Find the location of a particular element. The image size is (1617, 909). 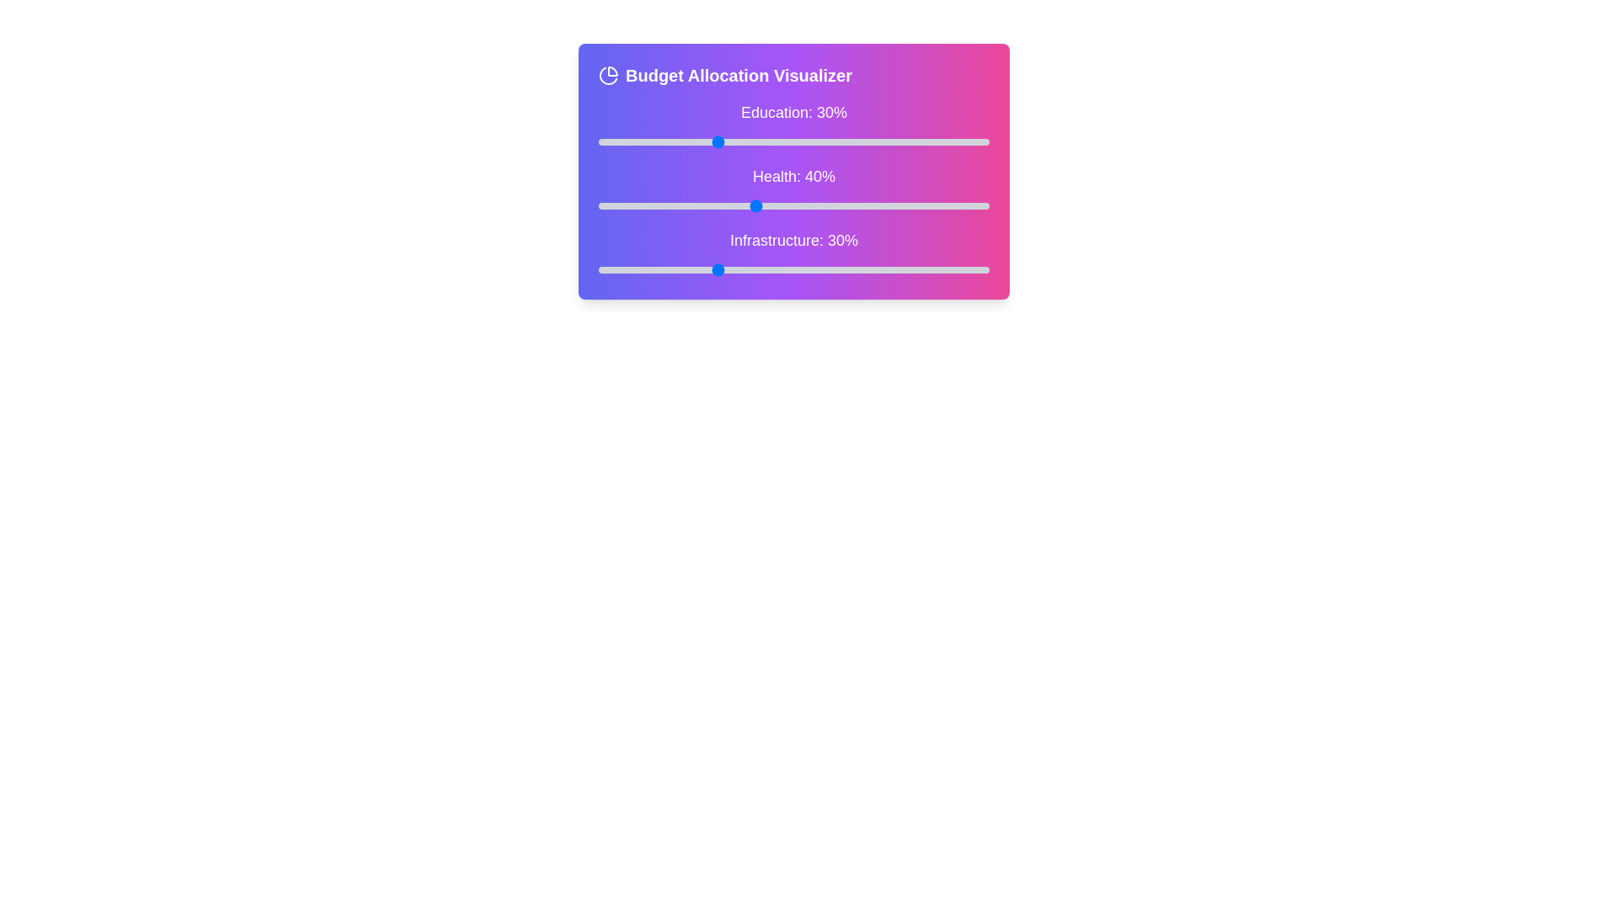

the slider is located at coordinates (958, 268).